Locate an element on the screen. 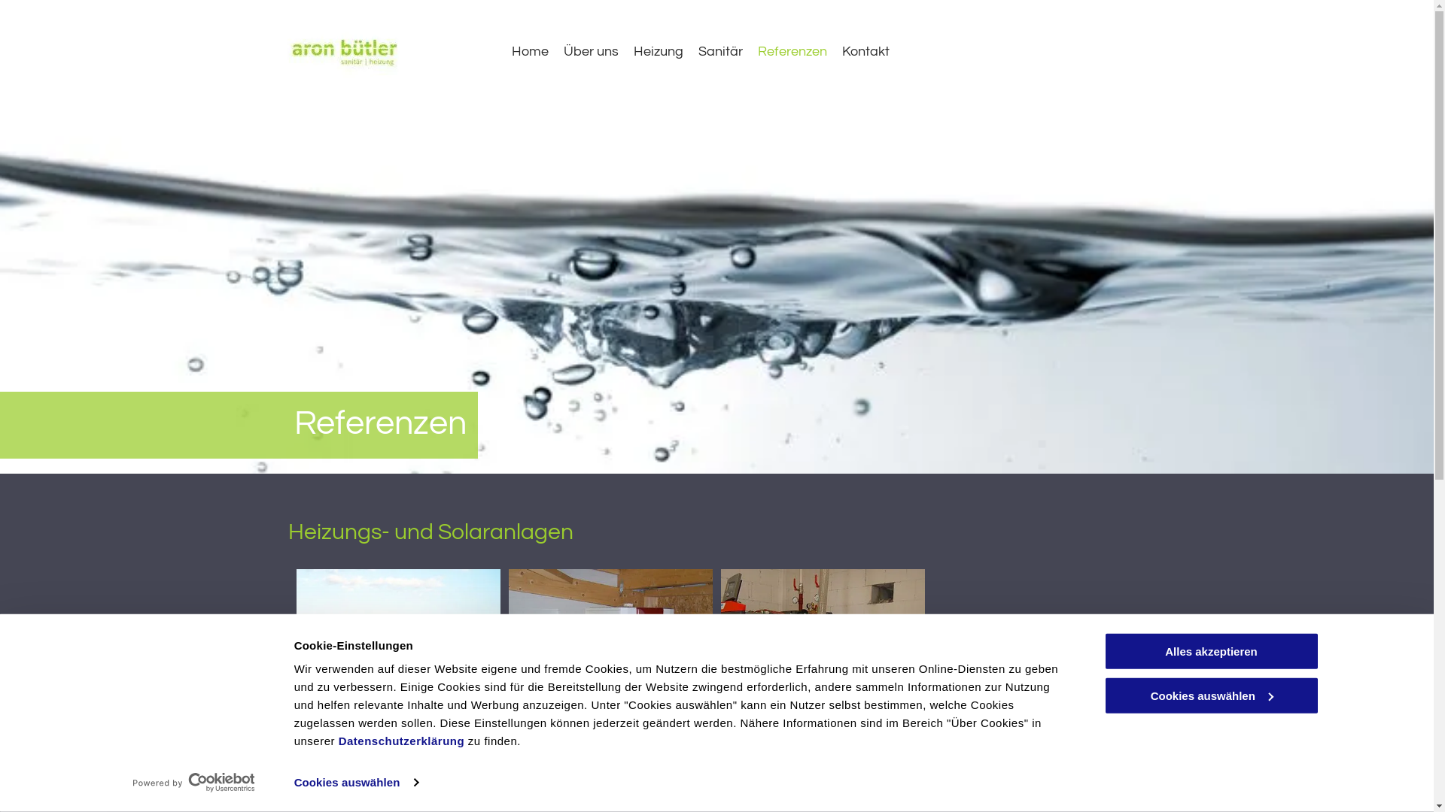 Image resolution: width=1445 pixels, height=812 pixels. 'Heizung' is located at coordinates (658, 50).